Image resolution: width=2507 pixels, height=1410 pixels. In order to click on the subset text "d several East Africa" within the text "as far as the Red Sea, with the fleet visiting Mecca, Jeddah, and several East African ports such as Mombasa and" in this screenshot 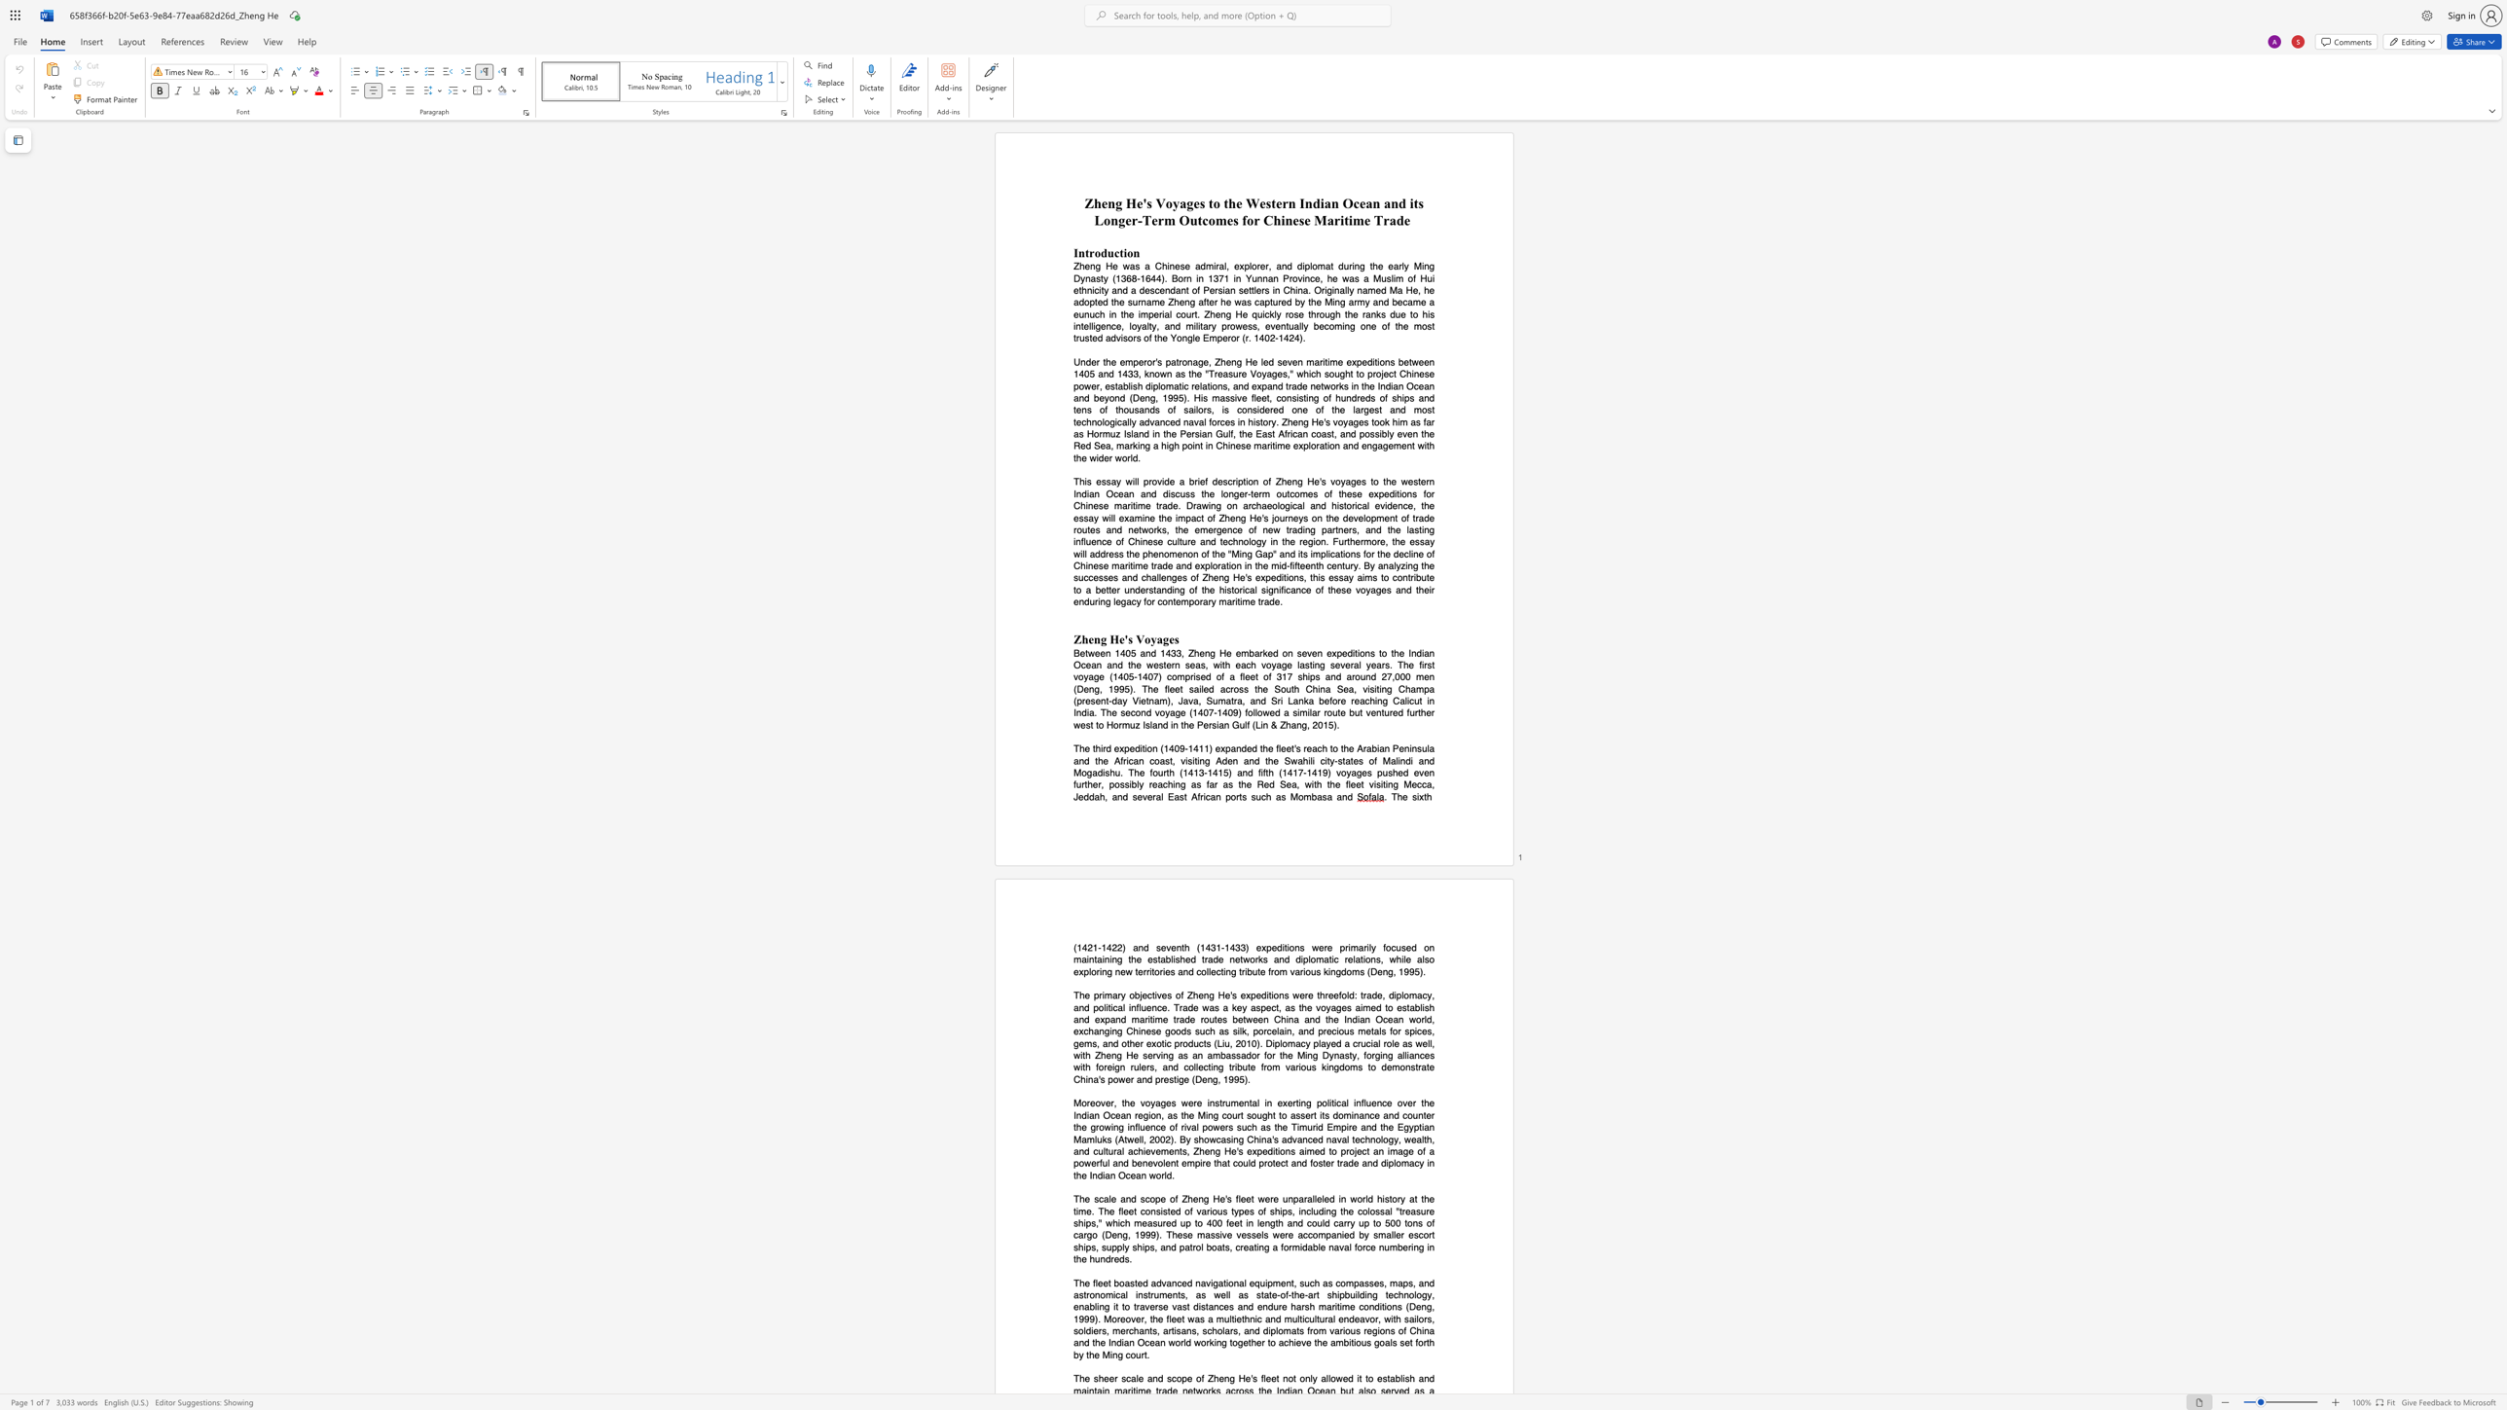, I will do `click(1121, 795)`.